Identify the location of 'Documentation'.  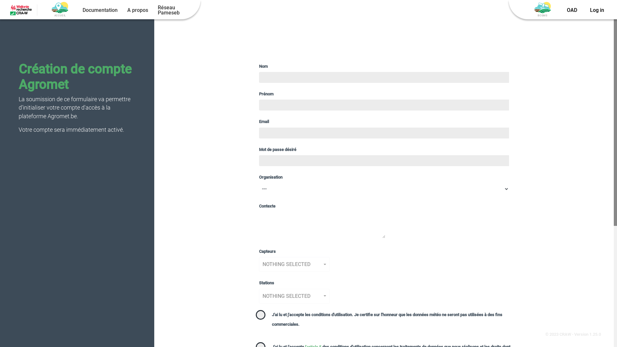
(100, 10).